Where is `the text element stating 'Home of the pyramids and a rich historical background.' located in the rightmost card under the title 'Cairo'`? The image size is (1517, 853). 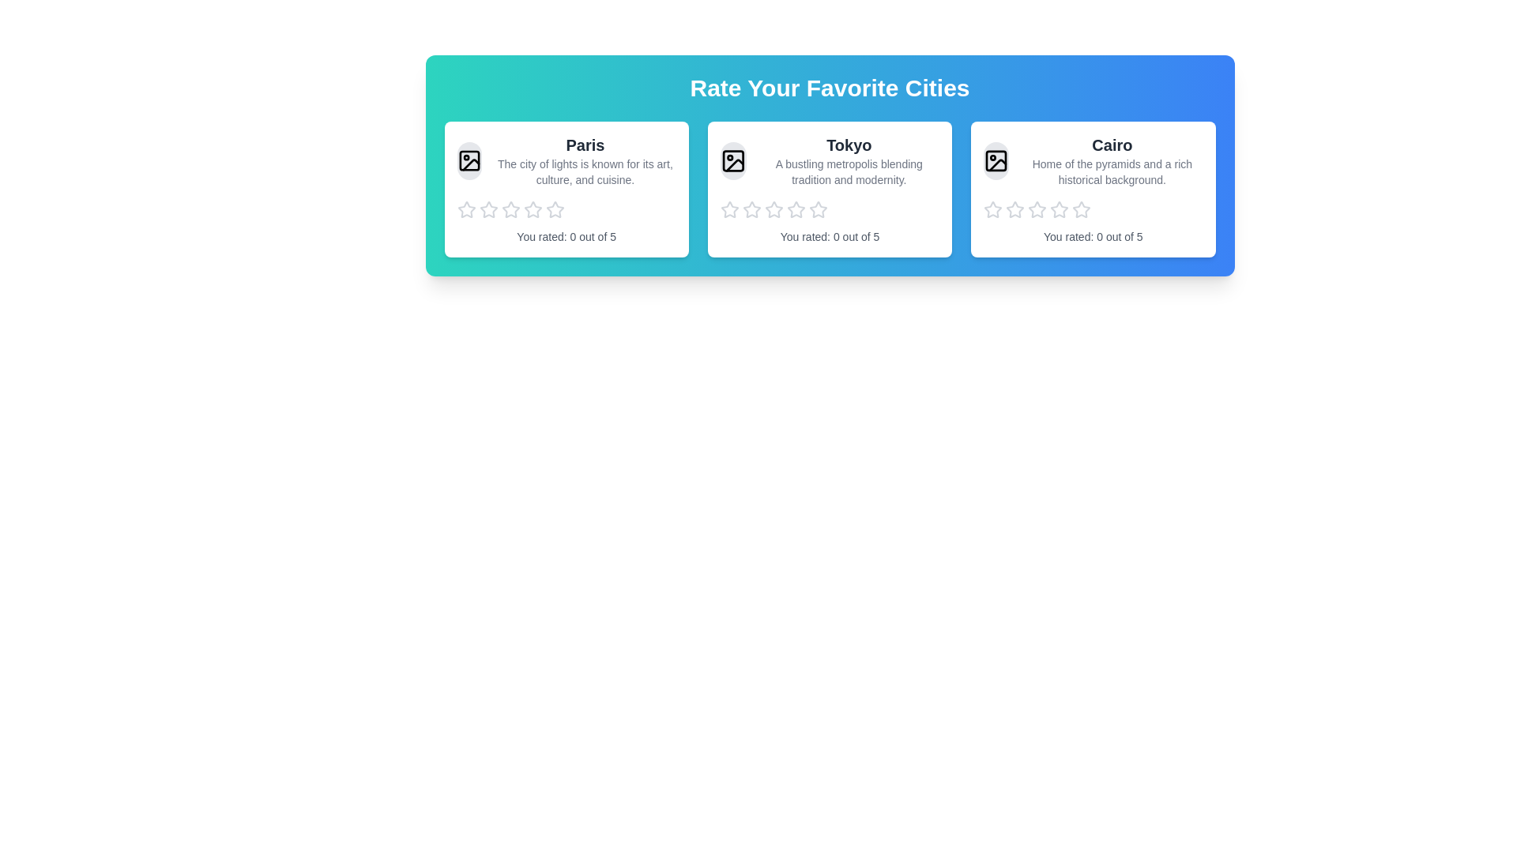 the text element stating 'Home of the pyramids and a rich historical background.' located in the rightmost card under the title 'Cairo' is located at coordinates (1111, 172).